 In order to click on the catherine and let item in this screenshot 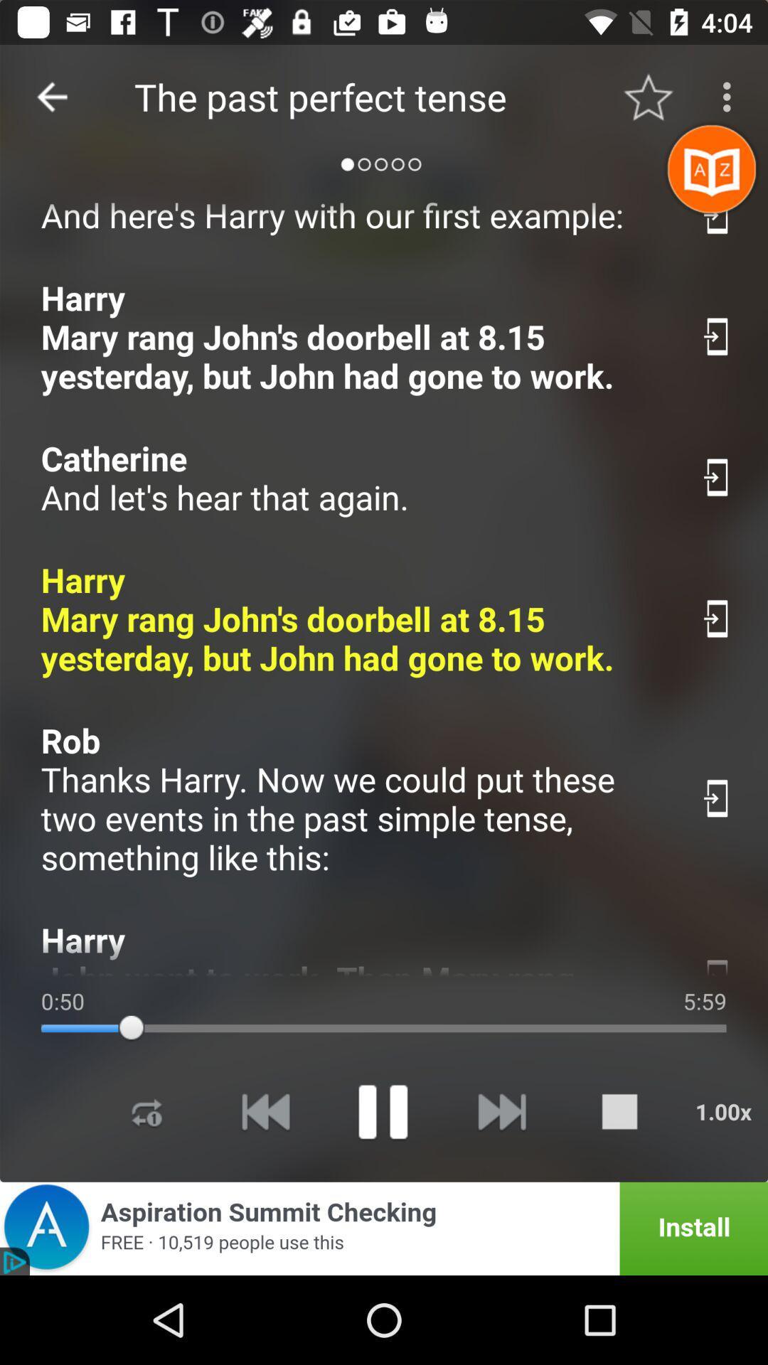, I will do `click(355, 478)`.